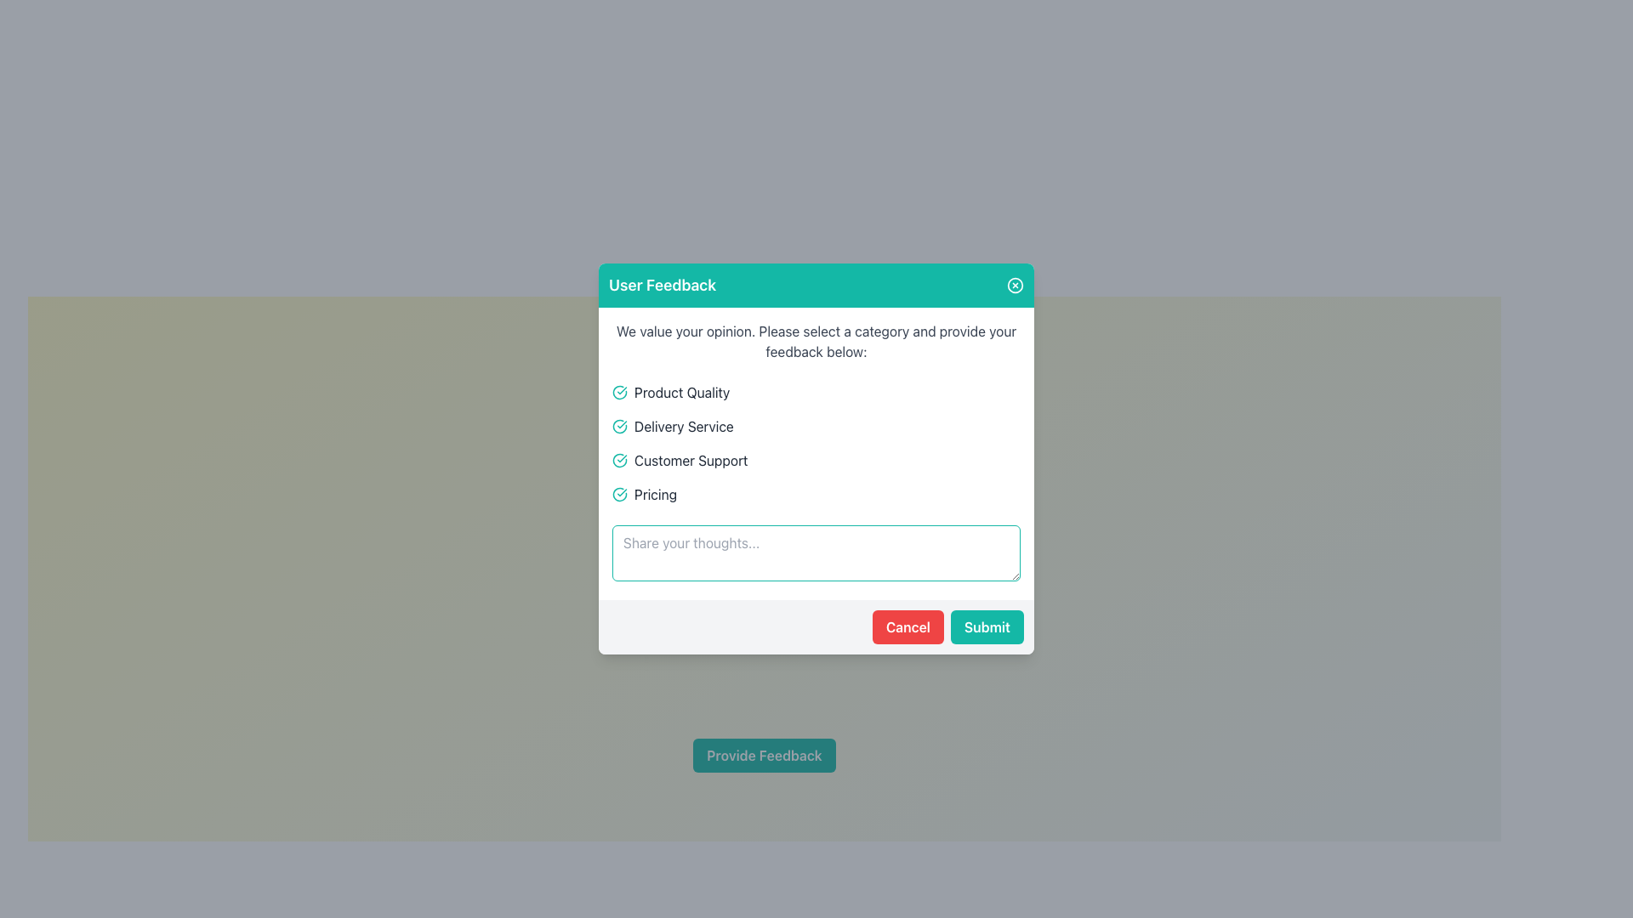 The image size is (1633, 918). I want to click on the 'Submit' button located in the footer section of the modal dialog, so click(987, 626).